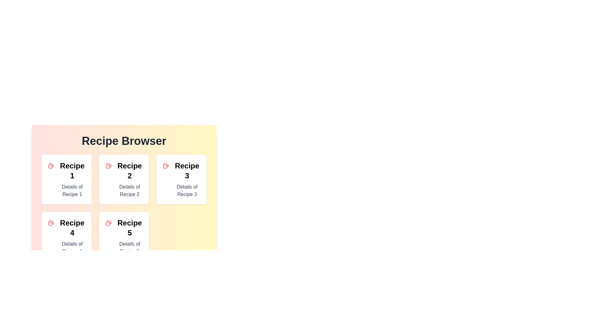 This screenshot has height=335, width=597. I want to click on the text block displaying 'Details of Recipe 3', which is located below the title 'Recipe 3' in the third card of the grid layout in the 'Recipe Browser' section, so click(187, 190).